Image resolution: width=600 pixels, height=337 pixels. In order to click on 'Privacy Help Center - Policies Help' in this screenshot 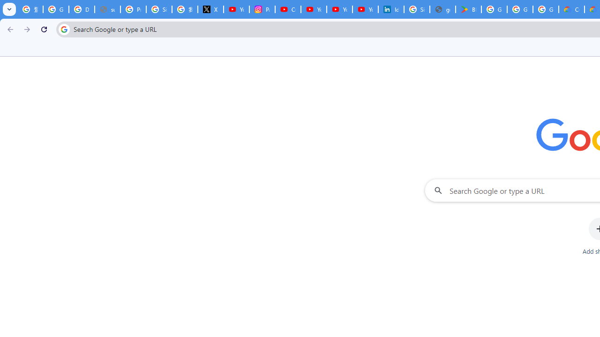, I will do `click(133, 9)`.